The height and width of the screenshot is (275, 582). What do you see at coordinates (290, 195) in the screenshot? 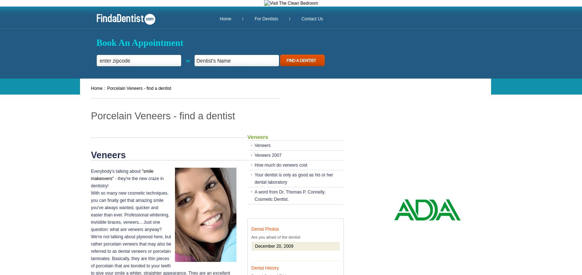
I see `'A word from Dr. Thomas P. Connelly, Cosmetic Dentist.'` at bounding box center [290, 195].